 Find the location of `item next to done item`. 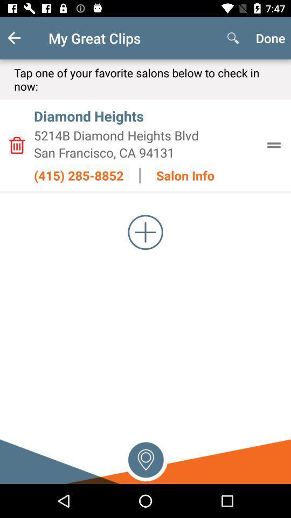

item next to done item is located at coordinates (232, 38).